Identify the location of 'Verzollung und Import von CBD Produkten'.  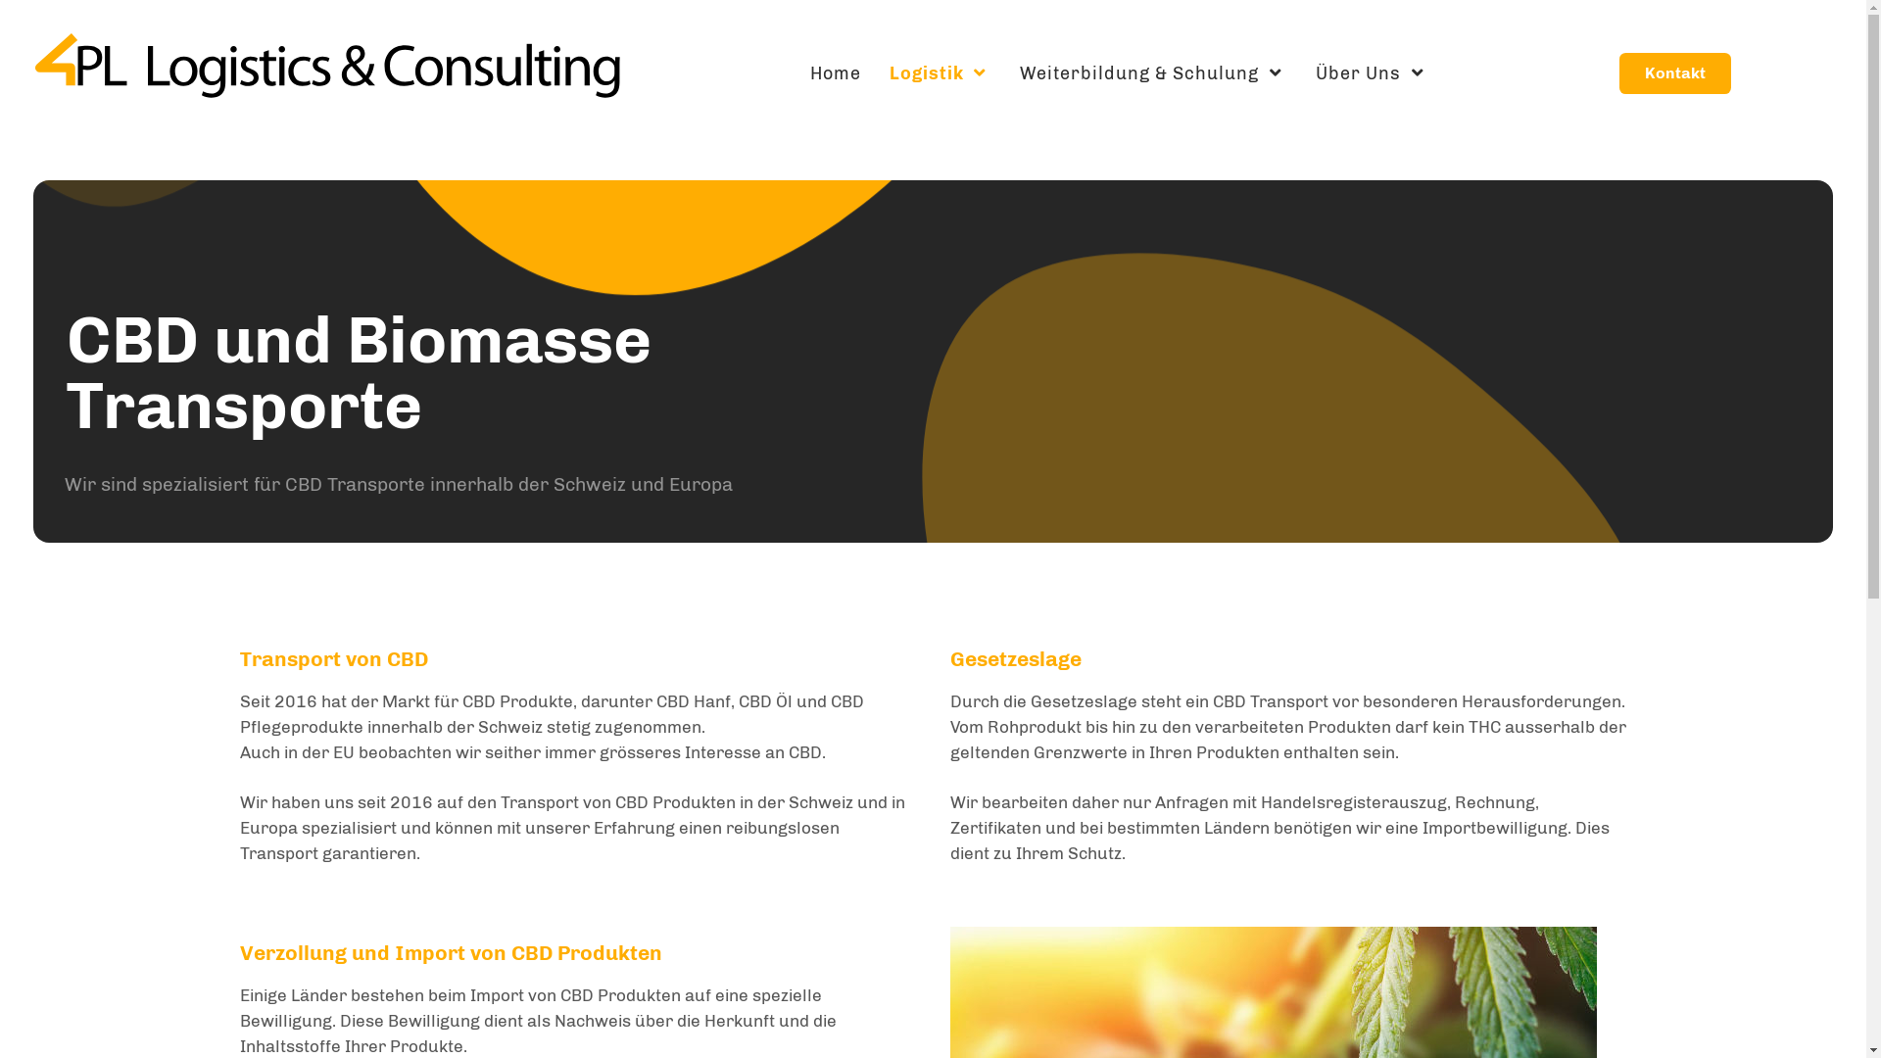
(449, 951).